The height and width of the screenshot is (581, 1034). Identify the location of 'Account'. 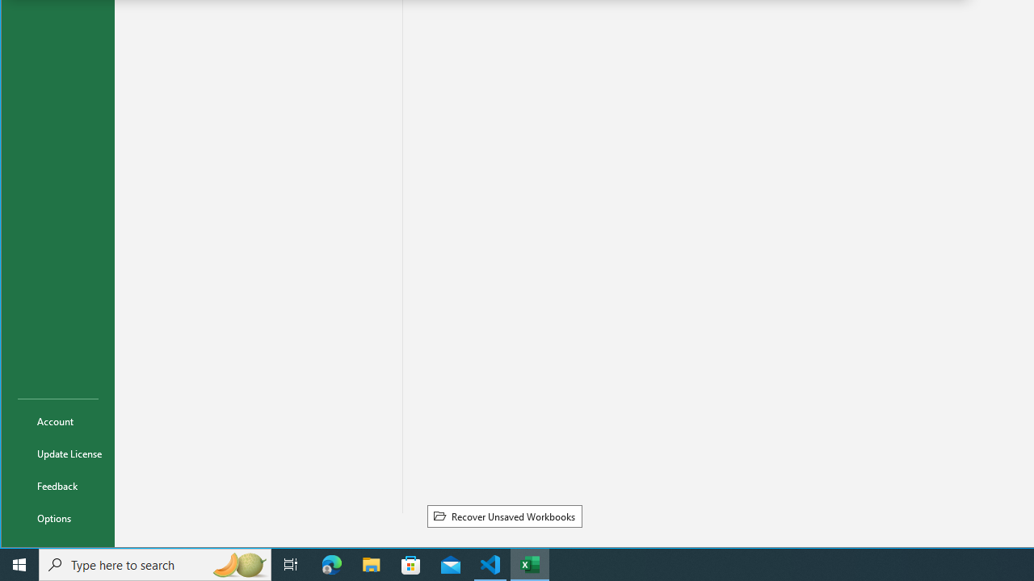
(58, 420).